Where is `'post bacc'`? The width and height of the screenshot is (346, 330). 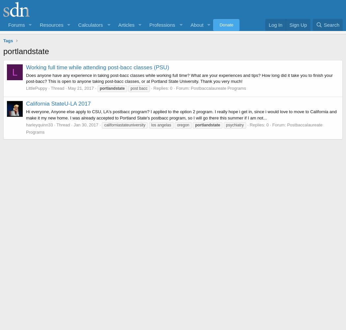
'post bacc' is located at coordinates (138, 88).